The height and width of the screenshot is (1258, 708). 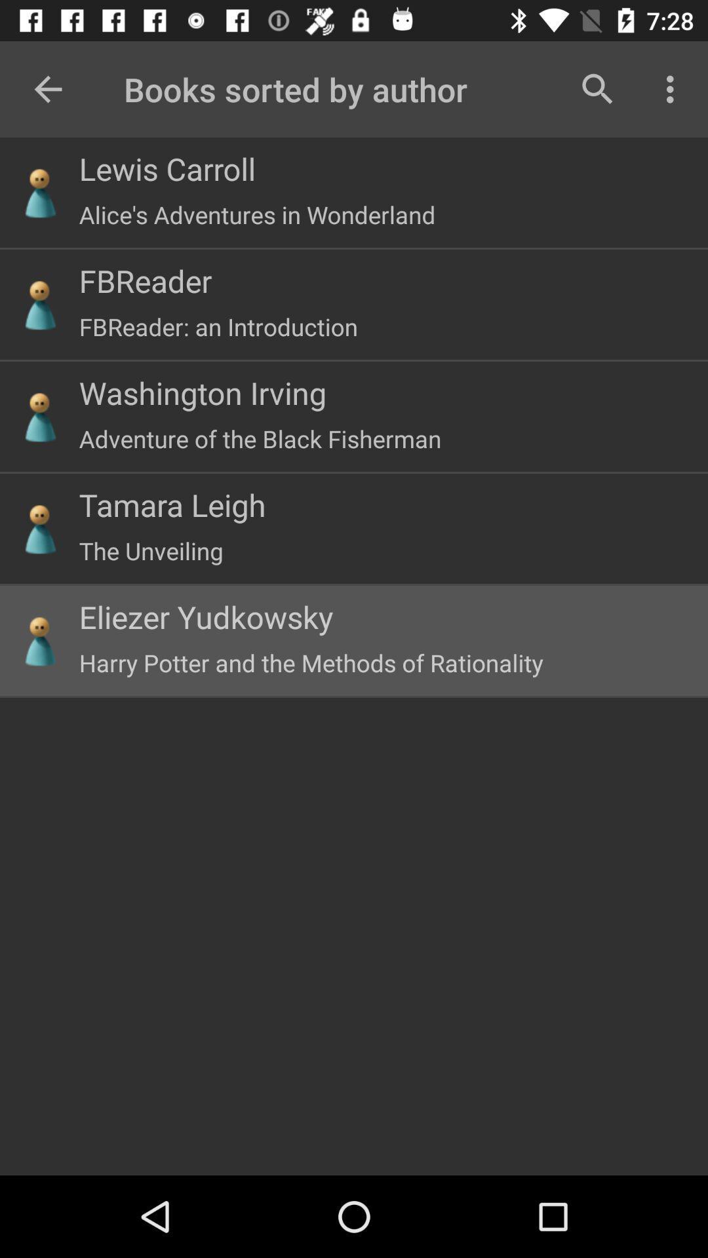 What do you see at coordinates (311, 662) in the screenshot?
I see `the harry potter and icon` at bounding box center [311, 662].